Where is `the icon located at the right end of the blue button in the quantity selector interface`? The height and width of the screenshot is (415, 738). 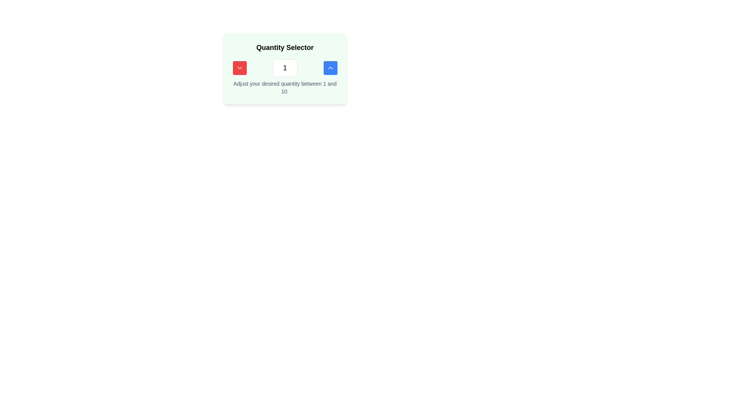
the icon located at the right end of the blue button in the quantity selector interface is located at coordinates (330, 68).